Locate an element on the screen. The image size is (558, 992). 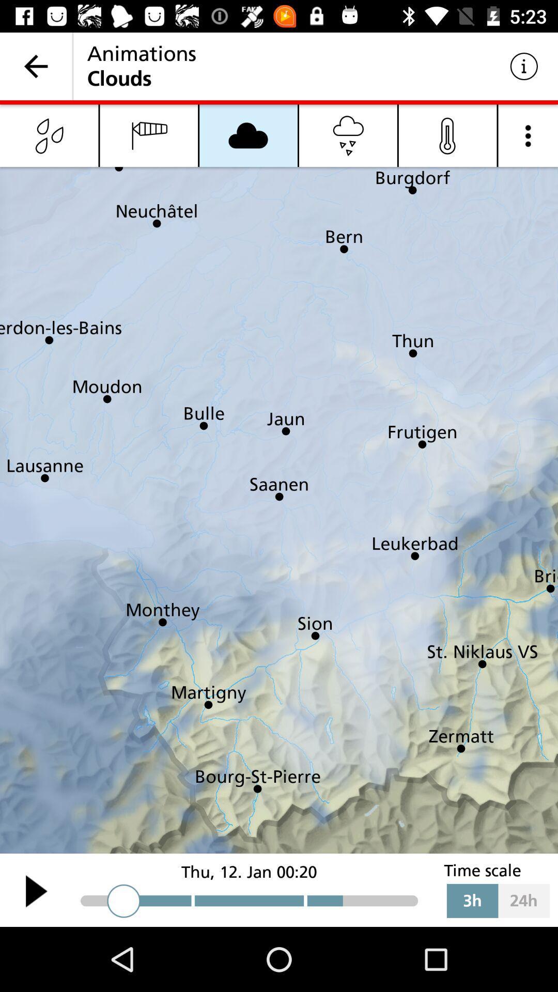
the item next to animations item is located at coordinates (524, 66).